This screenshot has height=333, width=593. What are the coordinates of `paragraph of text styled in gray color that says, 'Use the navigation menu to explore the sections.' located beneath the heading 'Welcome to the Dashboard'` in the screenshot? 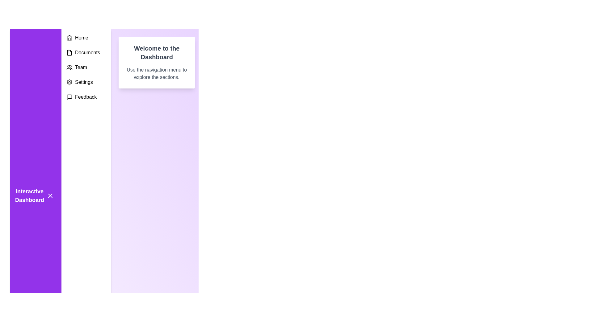 It's located at (157, 73).